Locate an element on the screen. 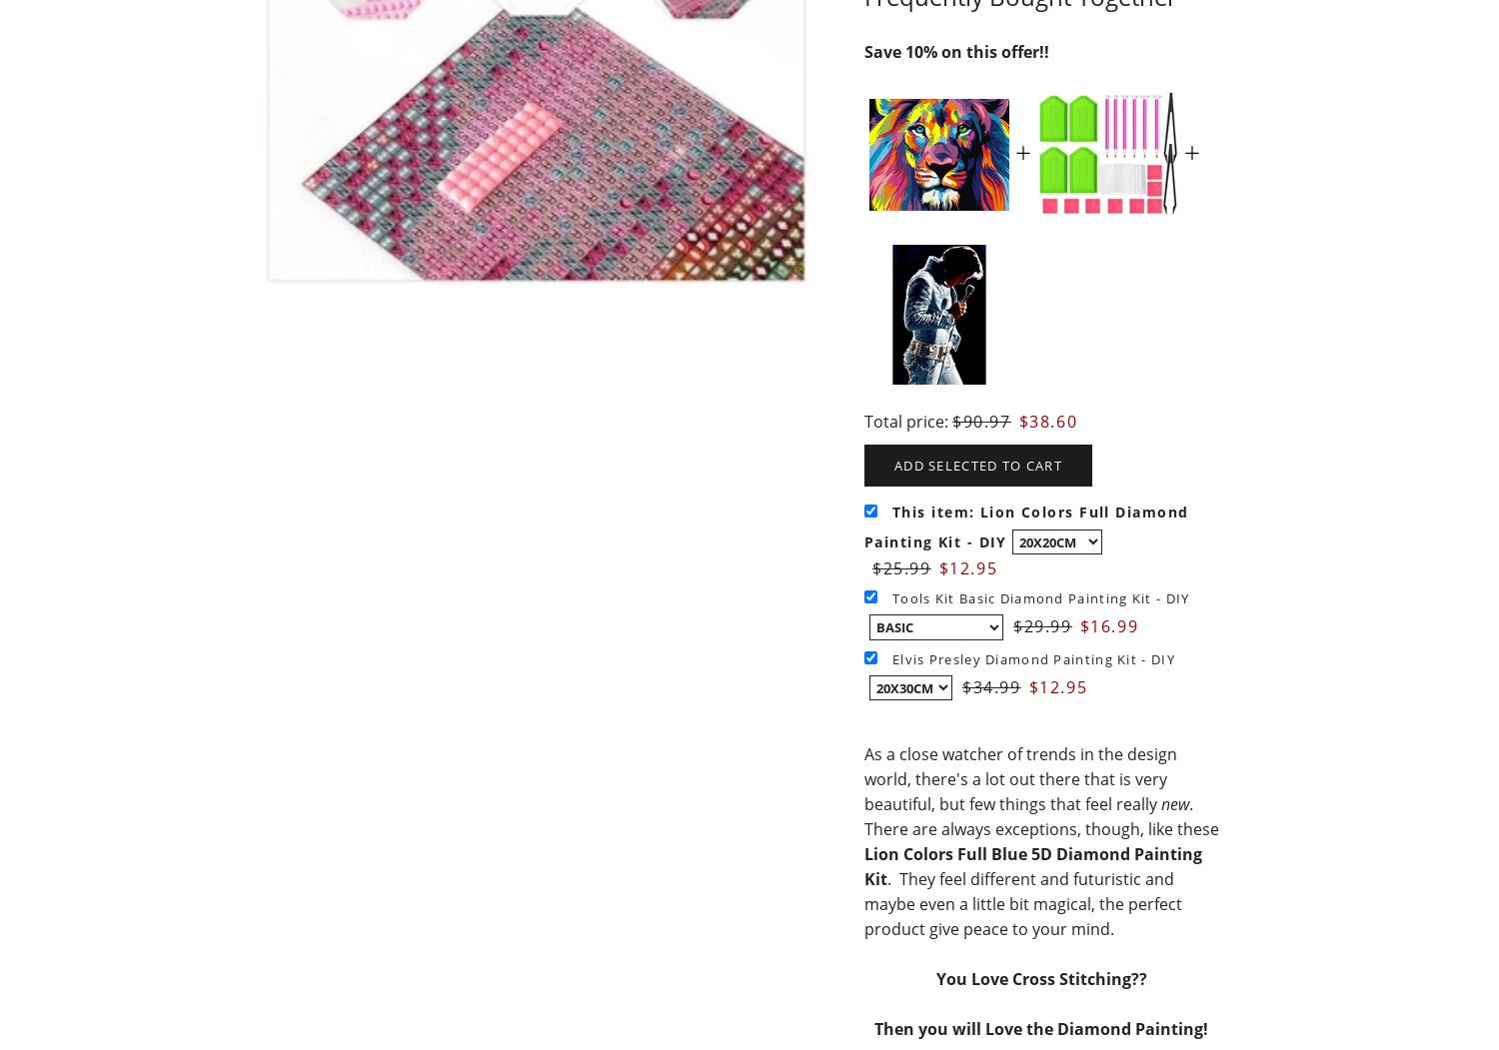 This screenshot has width=1499, height=1050. 'Add selected to cart' is located at coordinates (976, 463).